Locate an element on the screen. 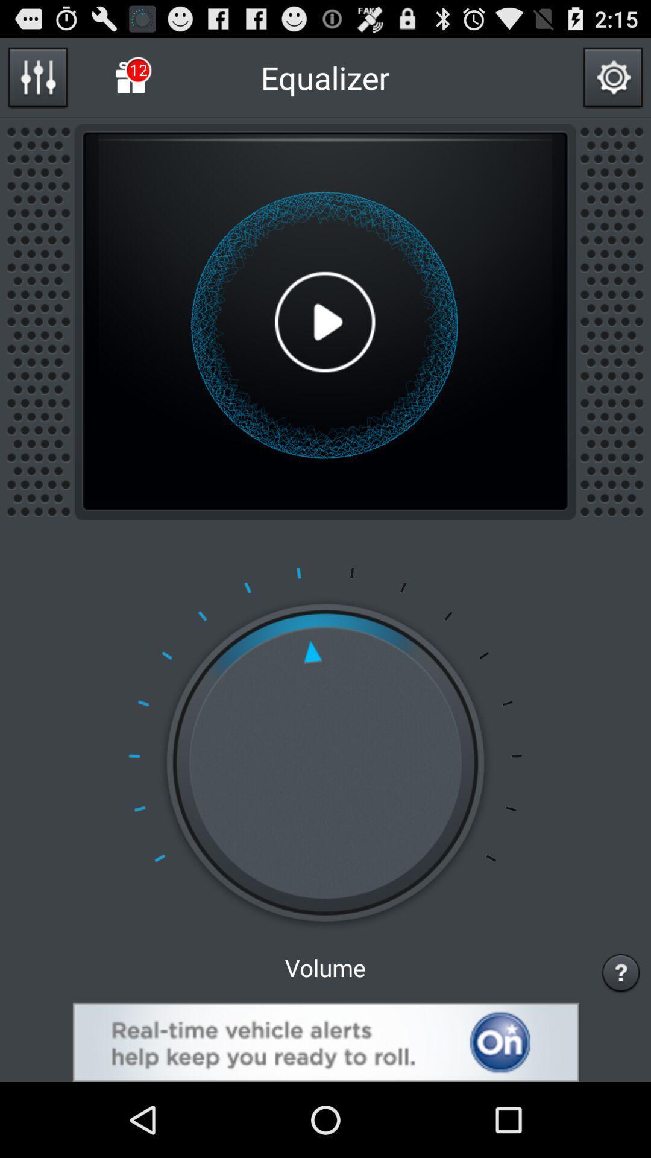  filter is located at coordinates (37, 77).